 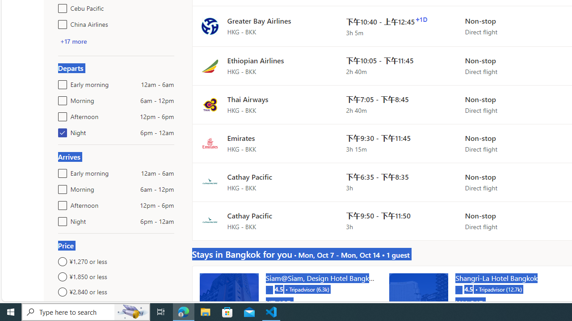 I want to click on '+17 more', so click(x=73, y=41).